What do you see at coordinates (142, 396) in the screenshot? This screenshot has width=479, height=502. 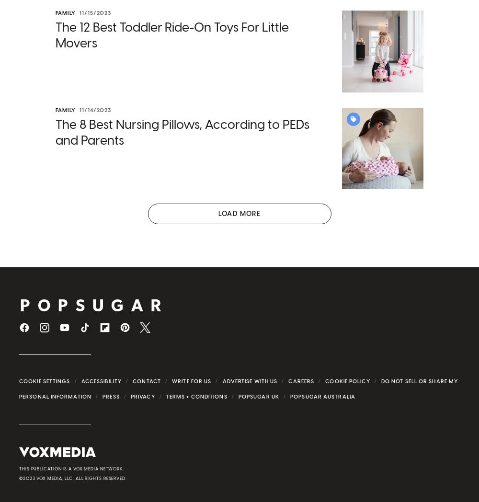 I see `'Privacy'` at bounding box center [142, 396].